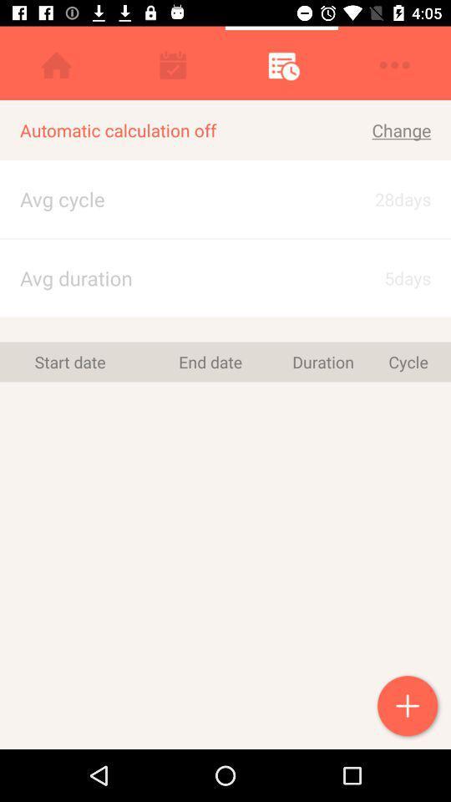  What do you see at coordinates (158, 199) in the screenshot?
I see `app next to the change item` at bounding box center [158, 199].